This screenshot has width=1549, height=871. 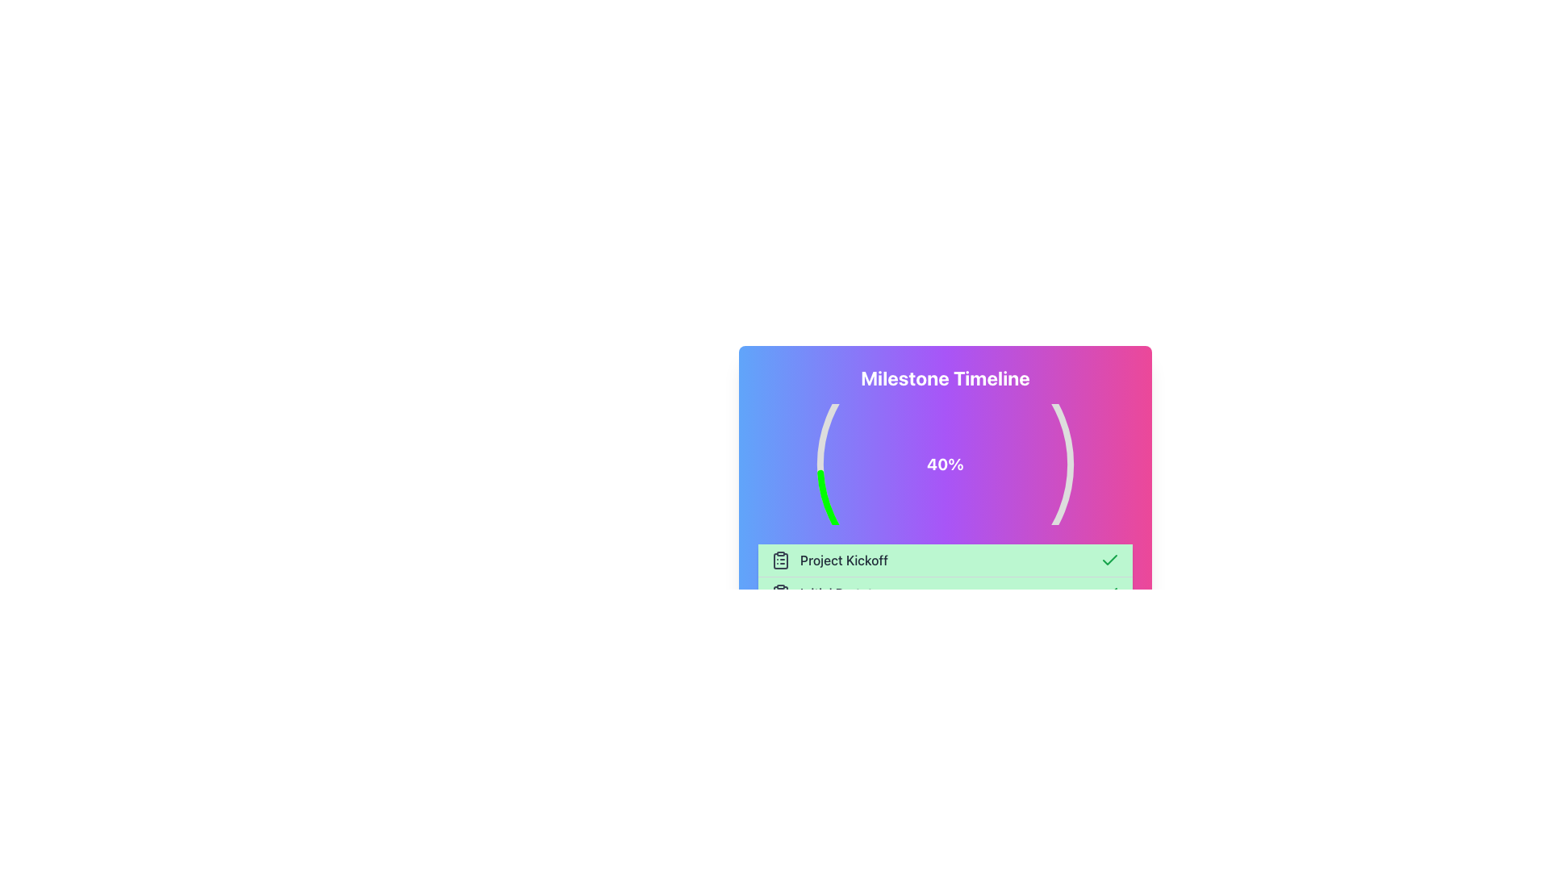 I want to click on the Circular Progress Indicator displaying '40%' within the 'Milestone Timeline' widget, so click(x=945, y=457).